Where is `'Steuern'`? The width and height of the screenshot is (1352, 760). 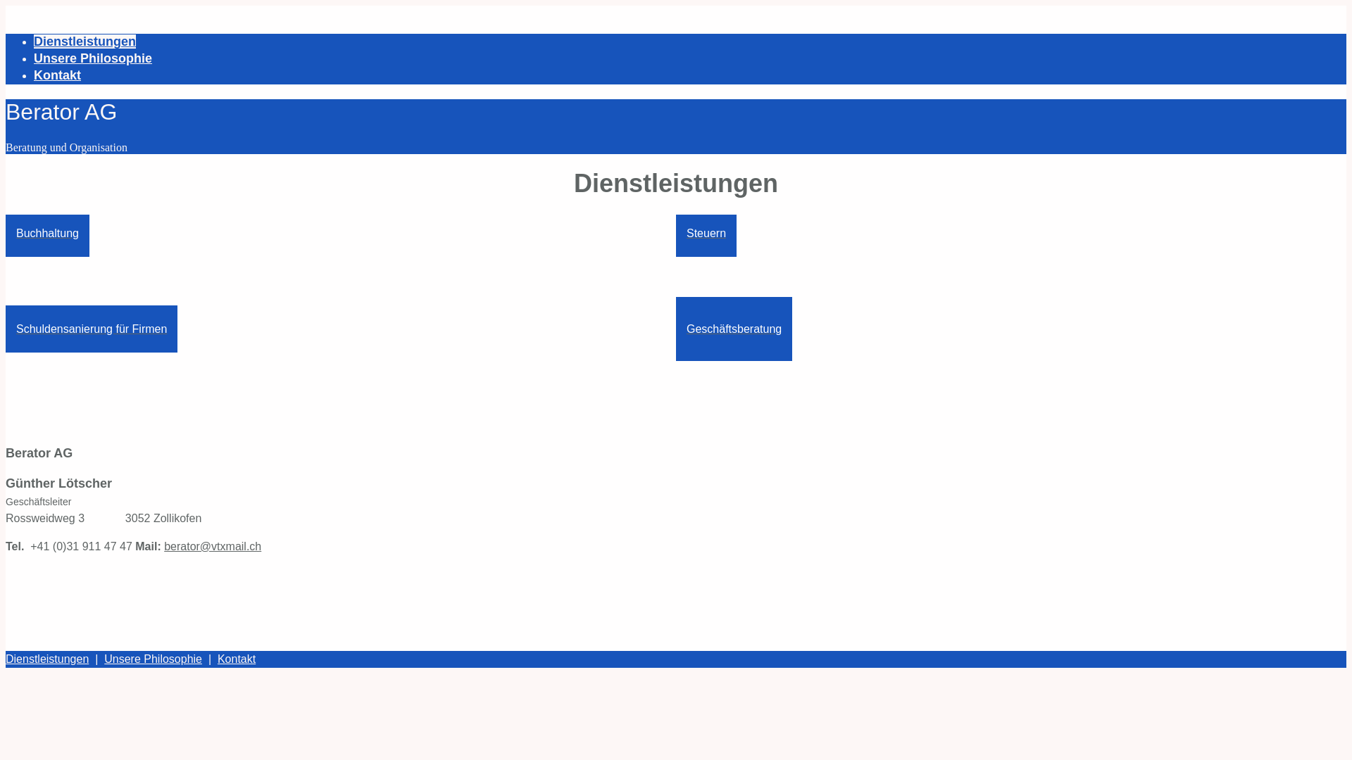 'Steuern' is located at coordinates (706, 232).